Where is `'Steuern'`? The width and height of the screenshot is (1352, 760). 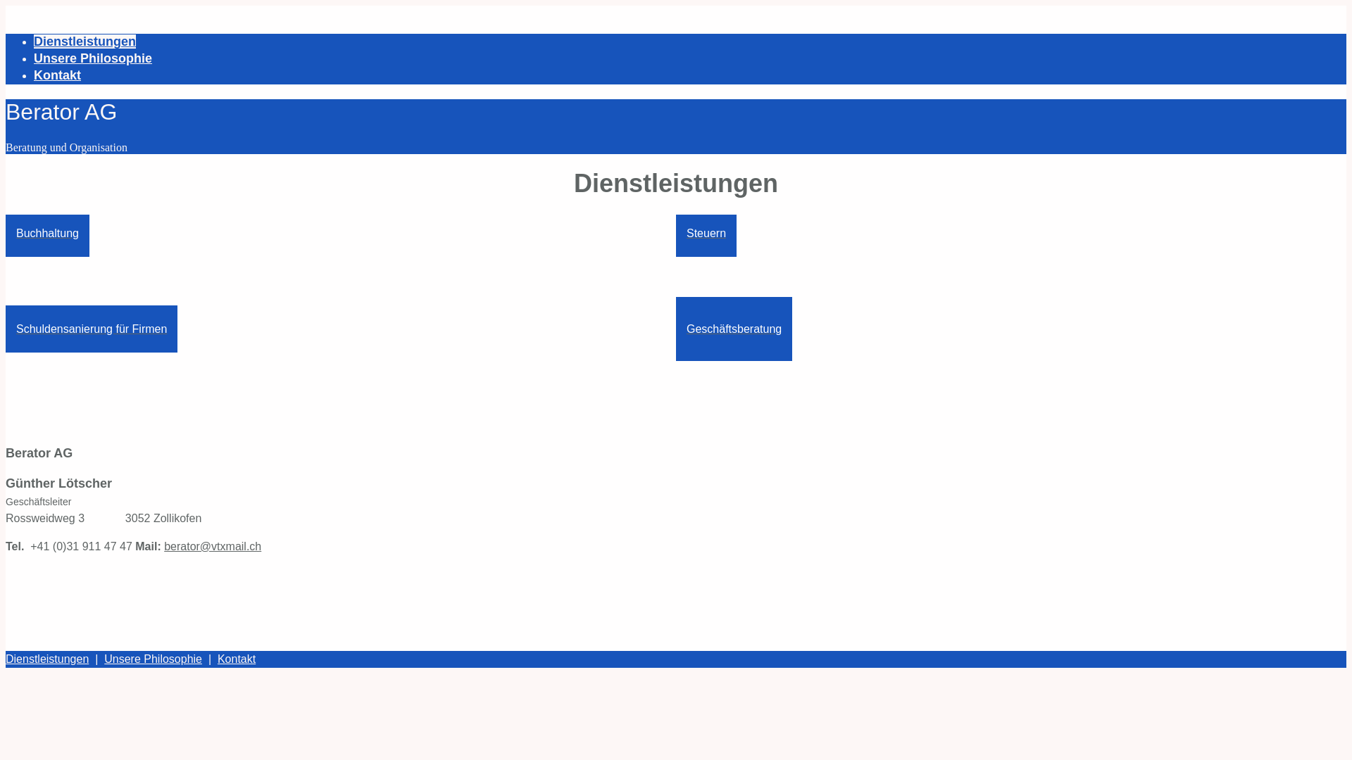 'Steuern' is located at coordinates (706, 232).